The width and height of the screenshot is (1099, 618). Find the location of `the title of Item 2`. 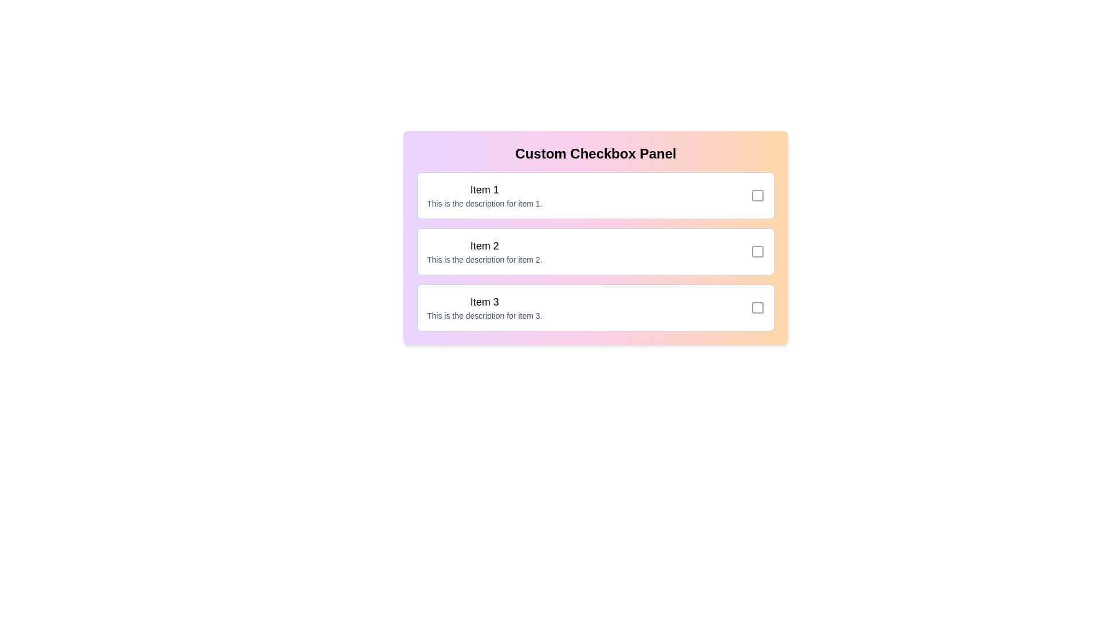

the title of Item 2 is located at coordinates (484, 245).